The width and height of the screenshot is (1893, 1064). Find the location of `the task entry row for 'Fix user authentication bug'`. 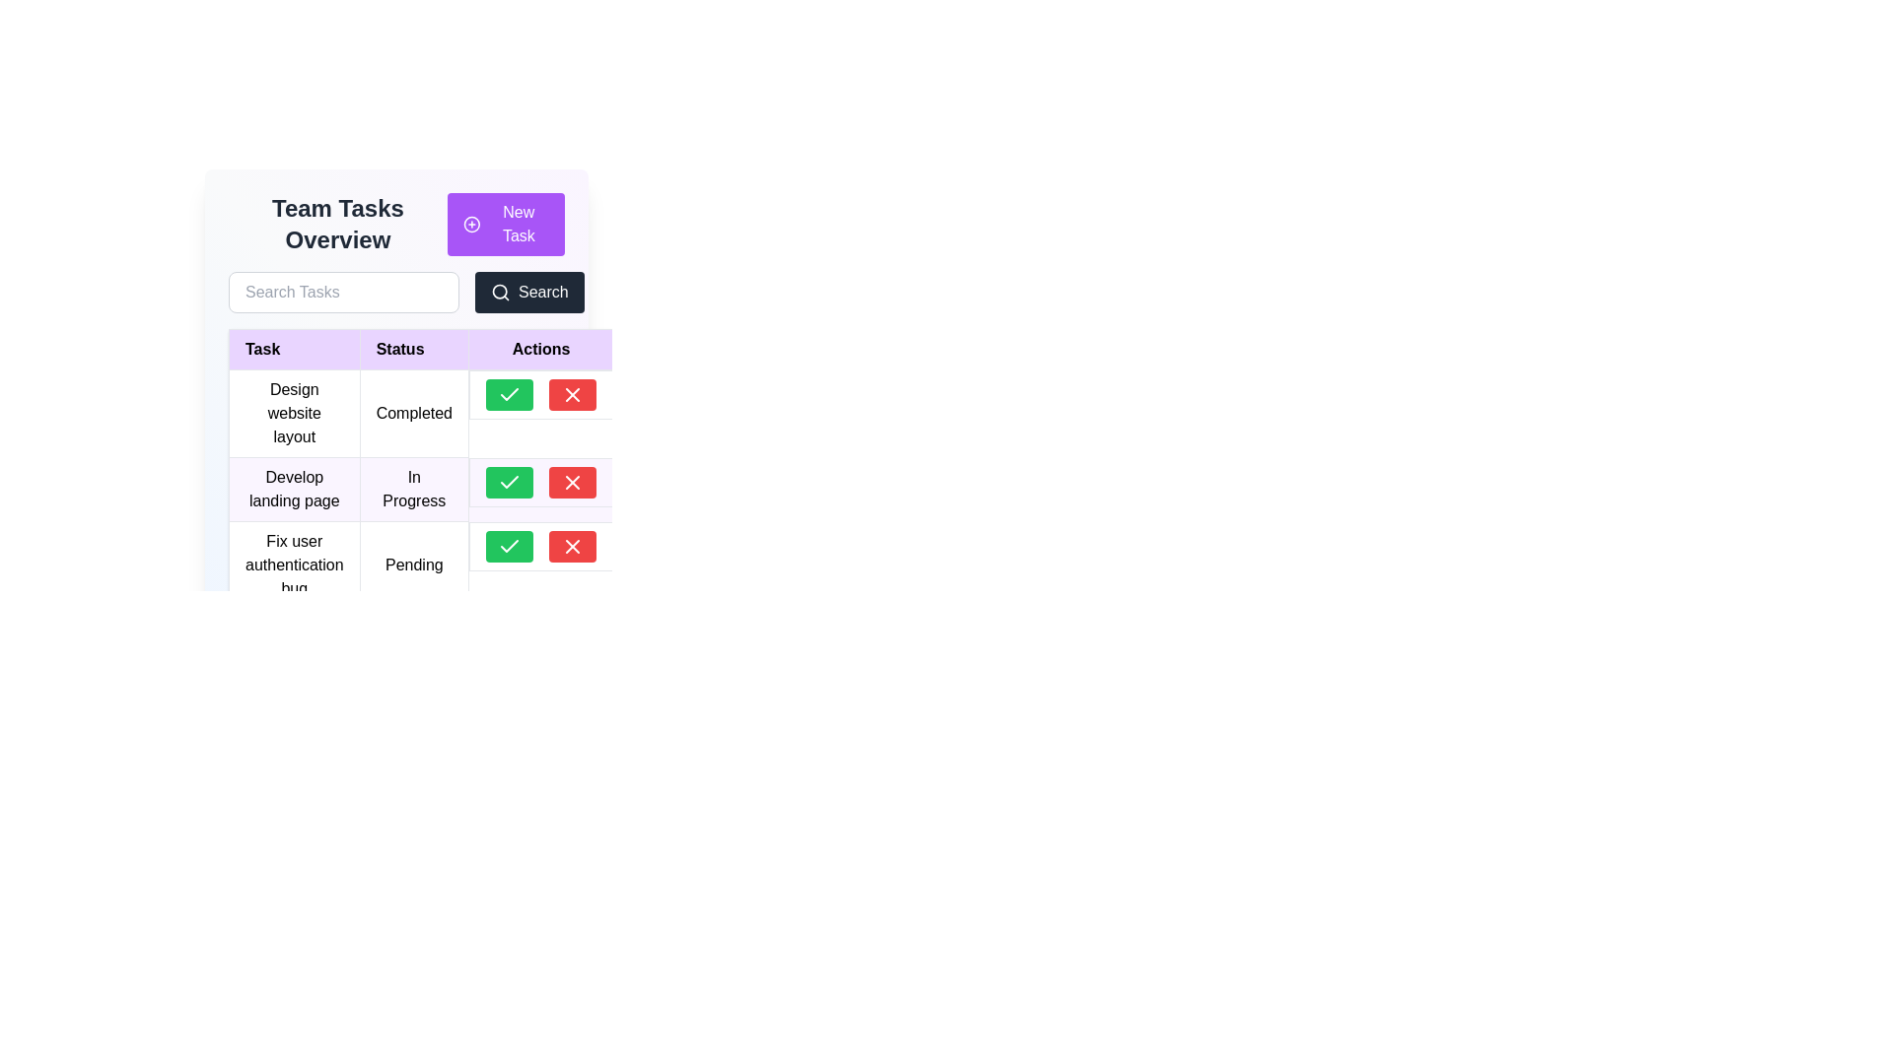

the task entry row for 'Fix user authentication bug' is located at coordinates (420, 565).